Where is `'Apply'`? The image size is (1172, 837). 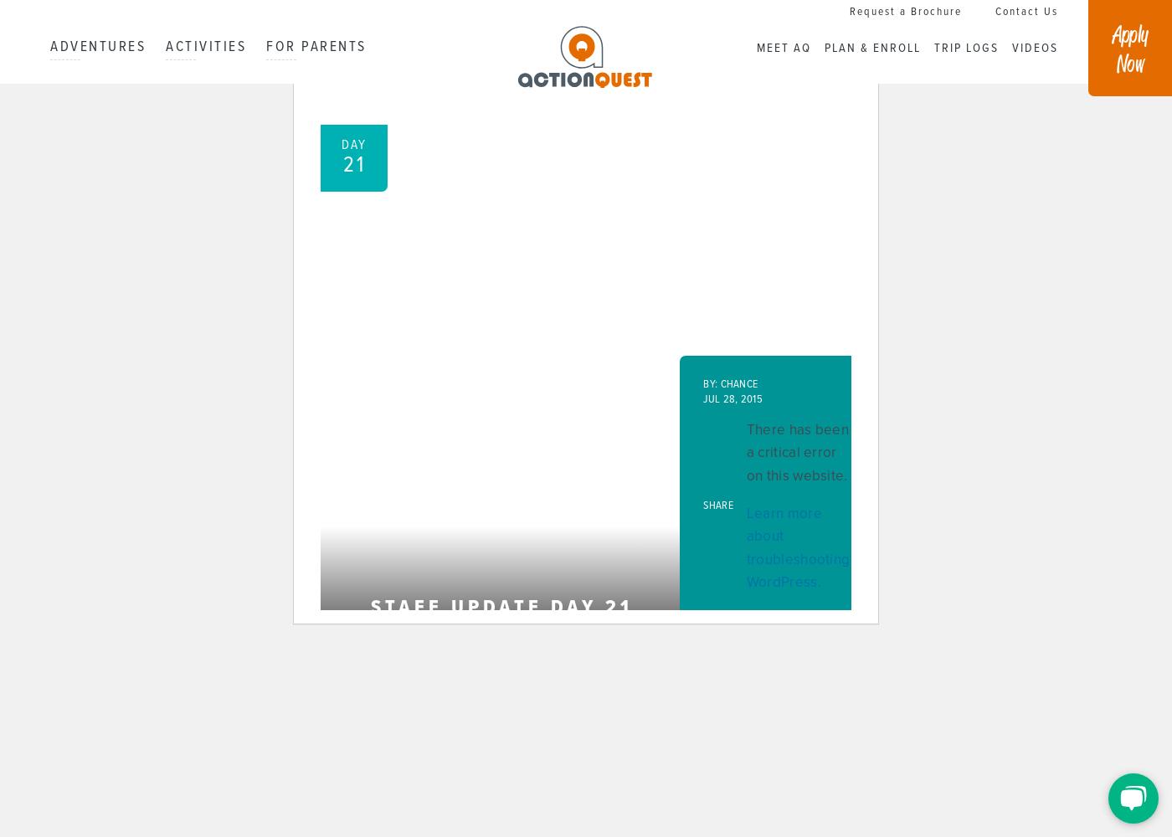 'Apply' is located at coordinates (1129, 33).